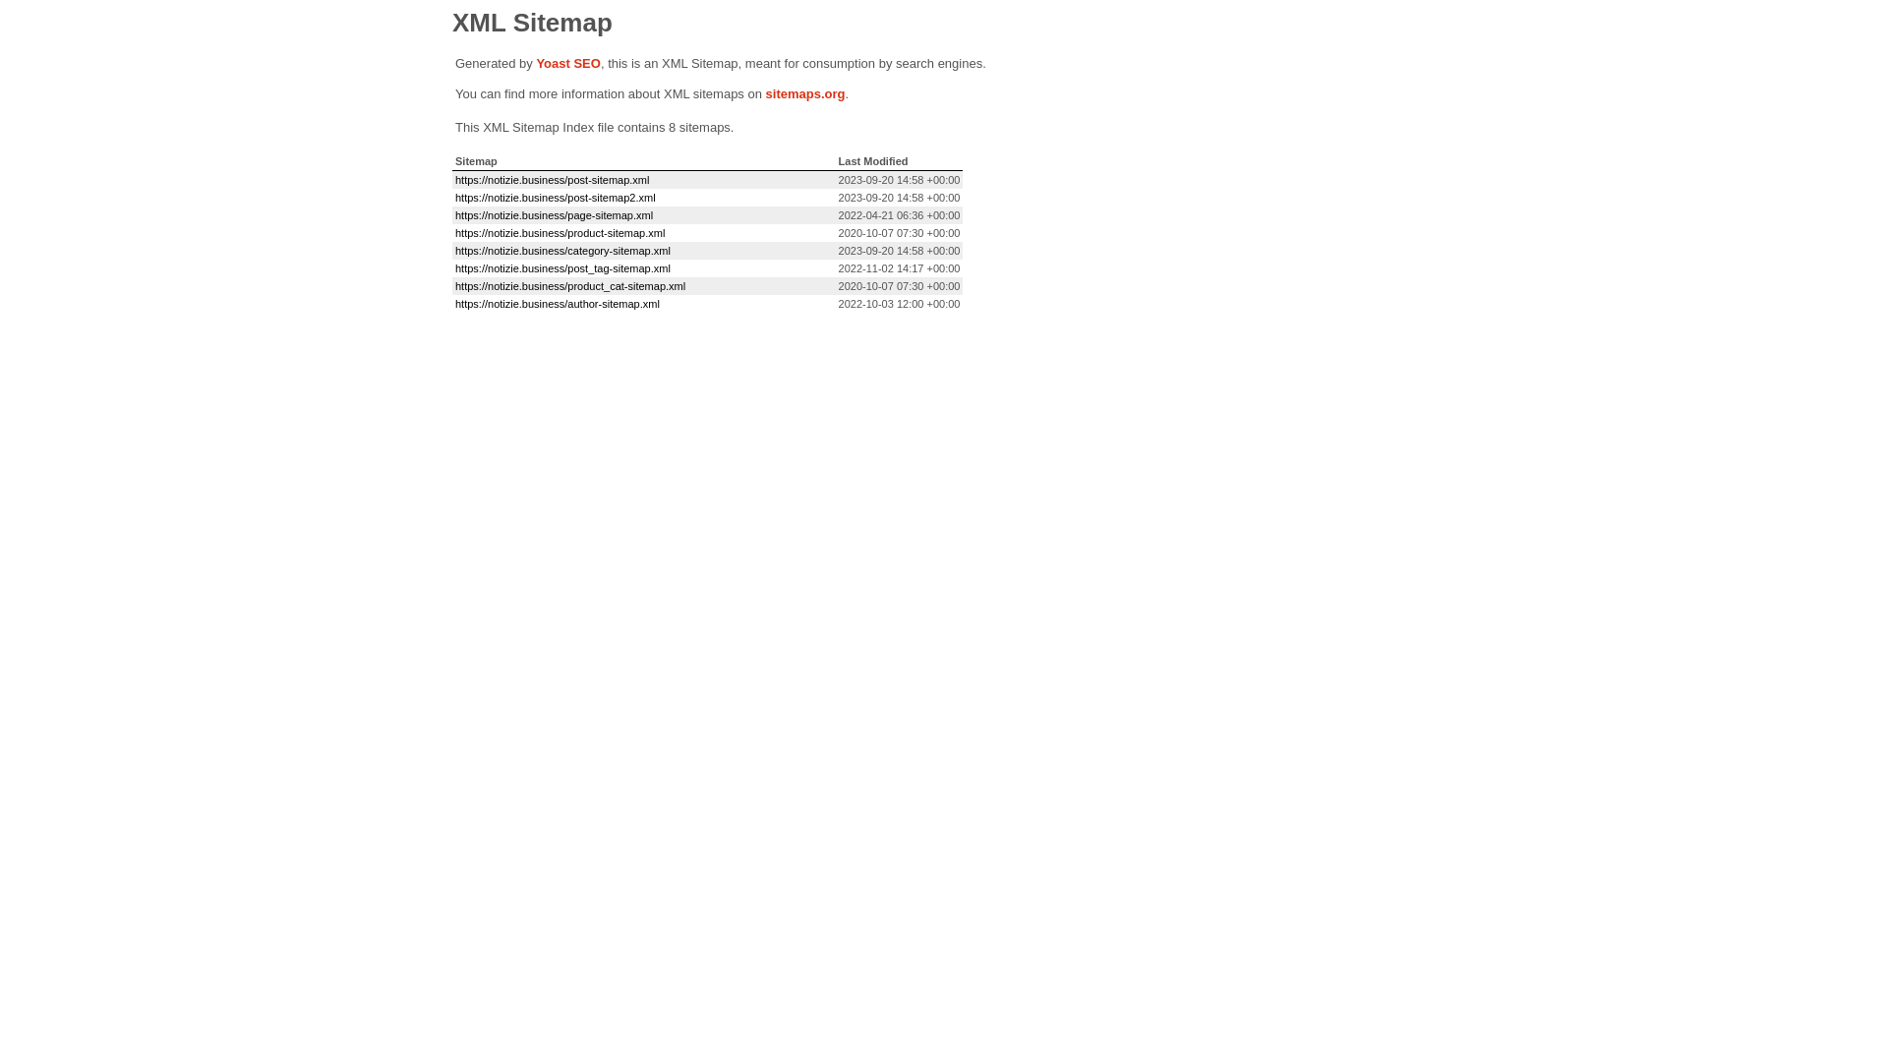  What do you see at coordinates (553, 215) in the screenshot?
I see `'https://notizie.business/page-sitemap.xml'` at bounding box center [553, 215].